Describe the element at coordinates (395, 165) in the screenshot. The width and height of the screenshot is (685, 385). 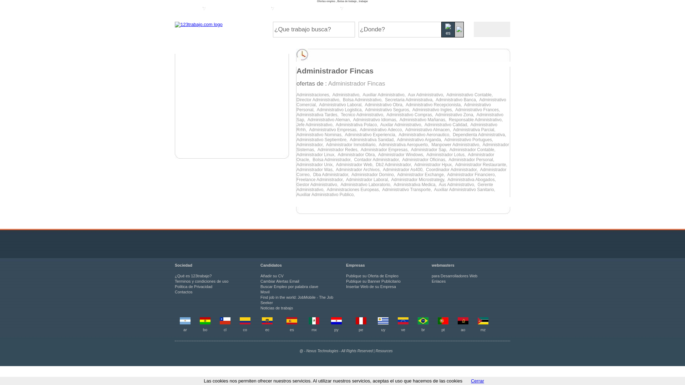
I see `'Db2 Administrador, '` at that location.